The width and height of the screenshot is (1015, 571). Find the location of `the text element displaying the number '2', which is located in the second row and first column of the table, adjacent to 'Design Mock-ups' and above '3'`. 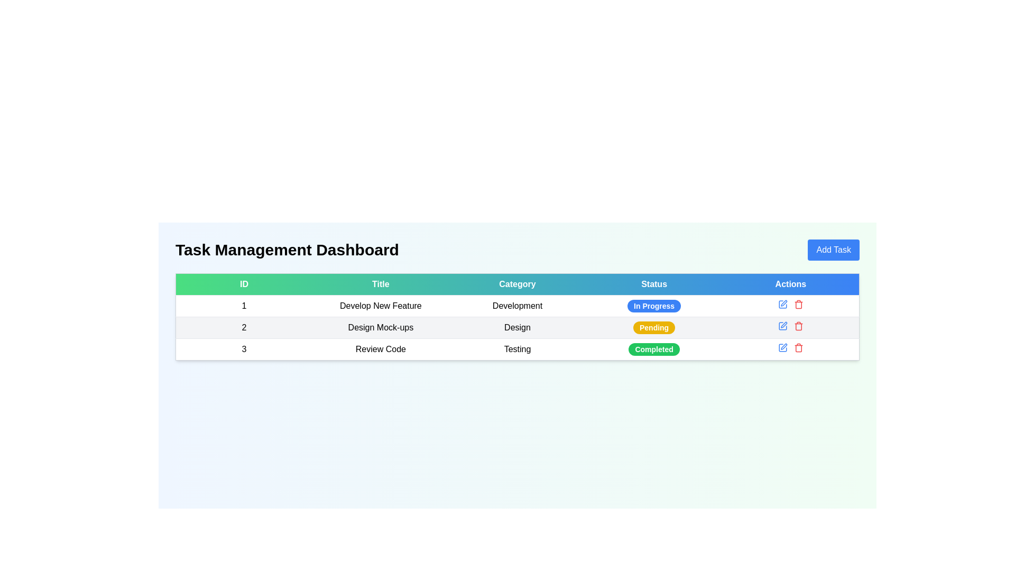

the text element displaying the number '2', which is located in the second row and first column of the table, adjacent to 'Design Mock-ups' and above '3' is located at coordinates (243, 327).